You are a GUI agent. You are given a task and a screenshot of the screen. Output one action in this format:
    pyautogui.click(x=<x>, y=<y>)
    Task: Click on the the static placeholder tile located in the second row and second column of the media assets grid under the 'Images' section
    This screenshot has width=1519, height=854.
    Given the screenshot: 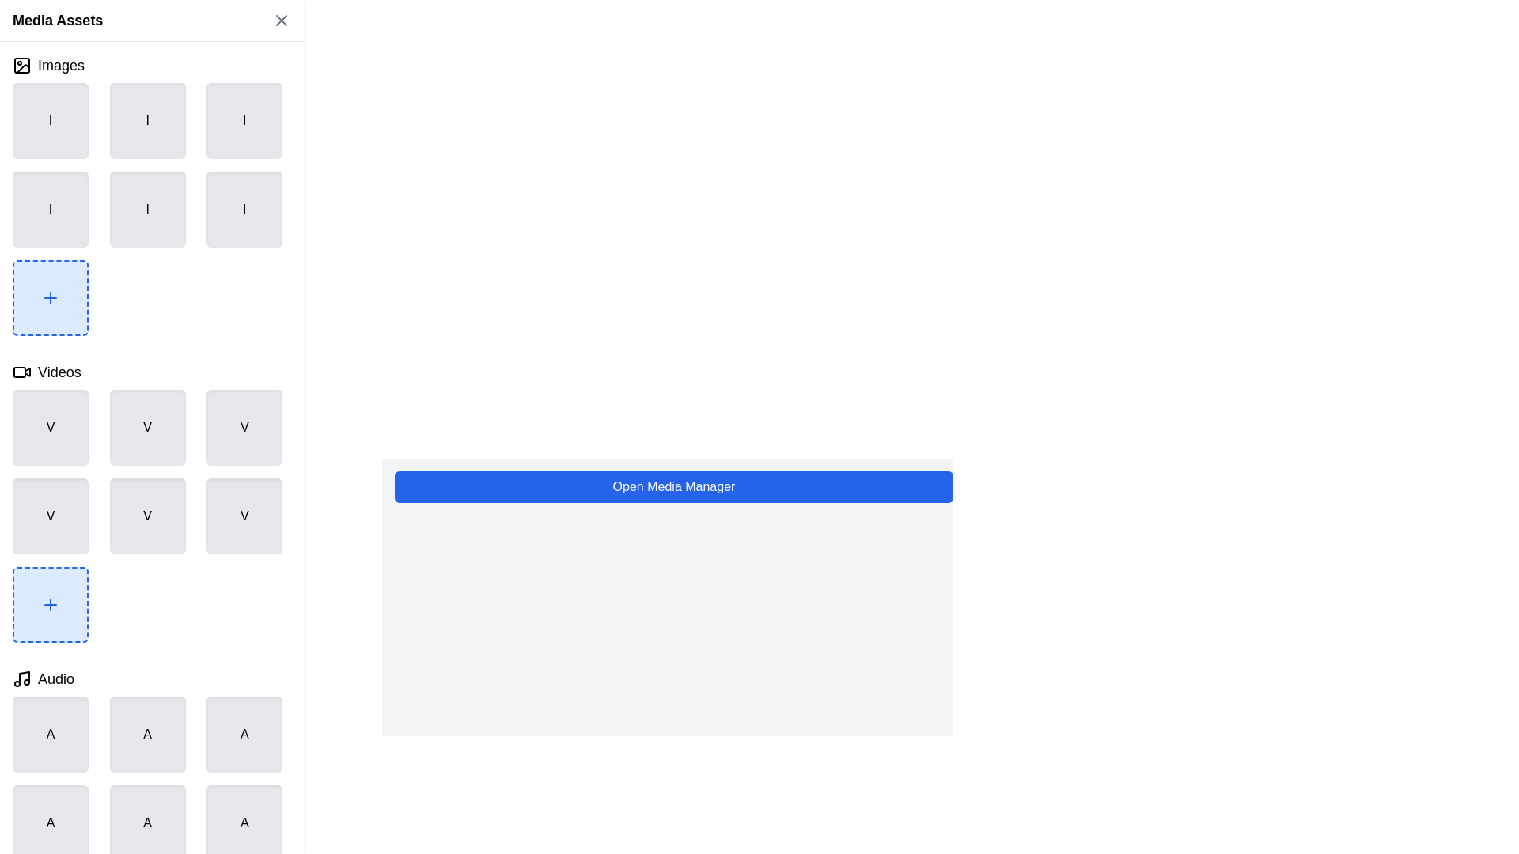 What is the action you would take?
    pyautogui.click(x=147, y=209)
    